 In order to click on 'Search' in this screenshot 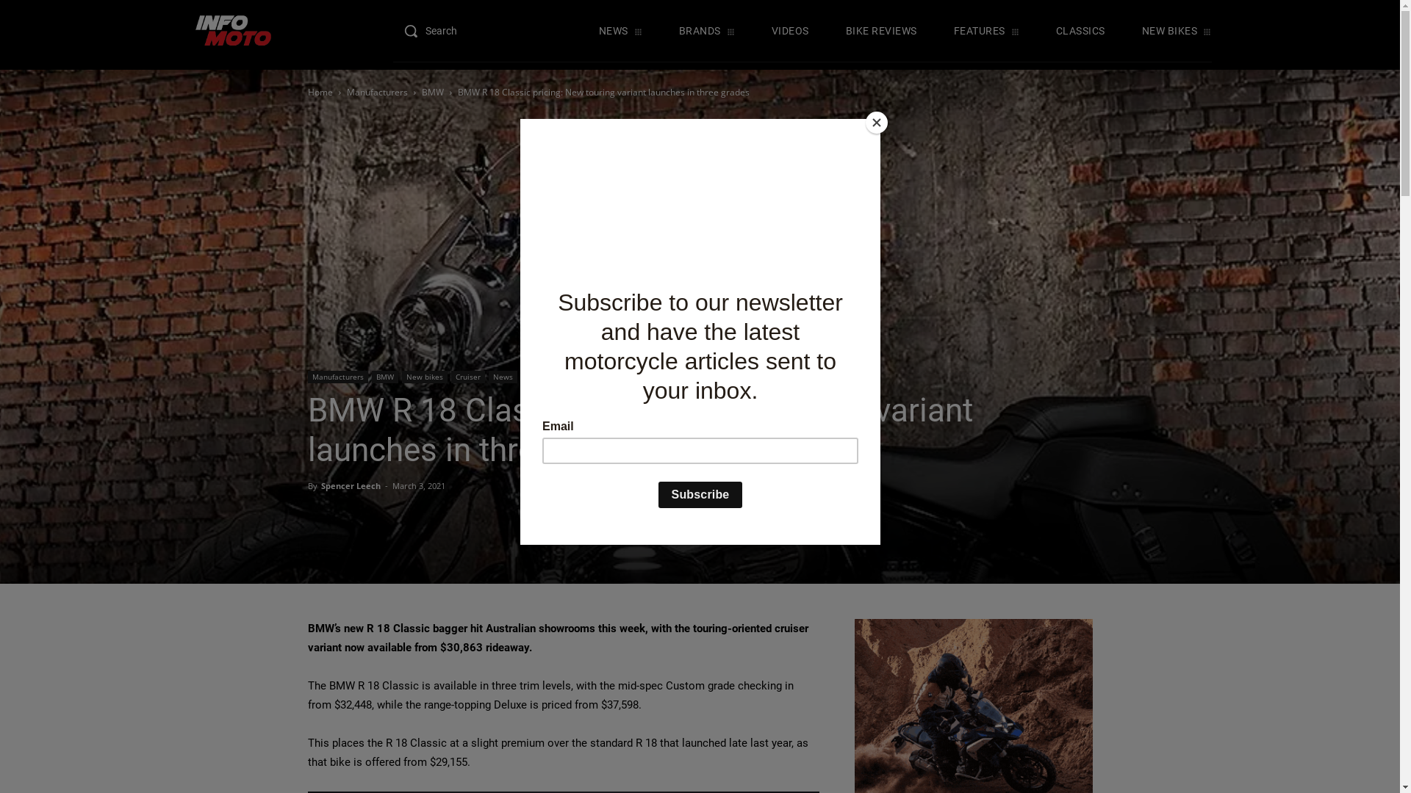, I will do `click(439, 31)`.